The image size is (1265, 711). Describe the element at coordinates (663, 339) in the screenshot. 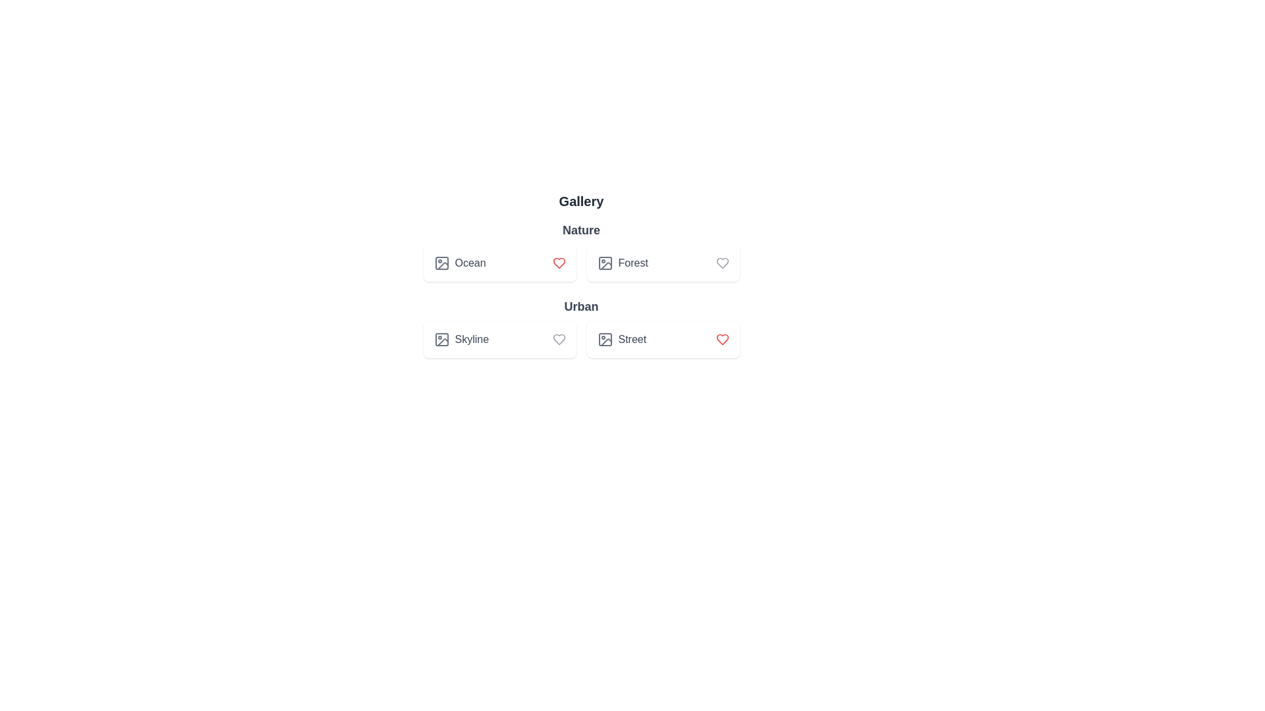

I see `the list item labeled Street` at that location.